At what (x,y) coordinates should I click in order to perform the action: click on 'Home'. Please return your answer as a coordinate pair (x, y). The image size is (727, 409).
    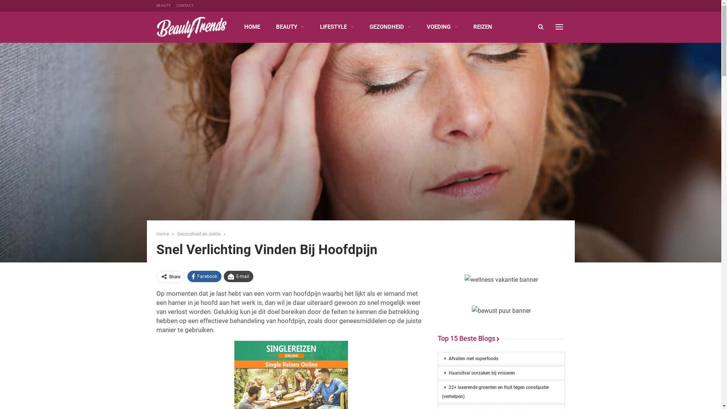
    Looking at the image, I should click on (162, 233).